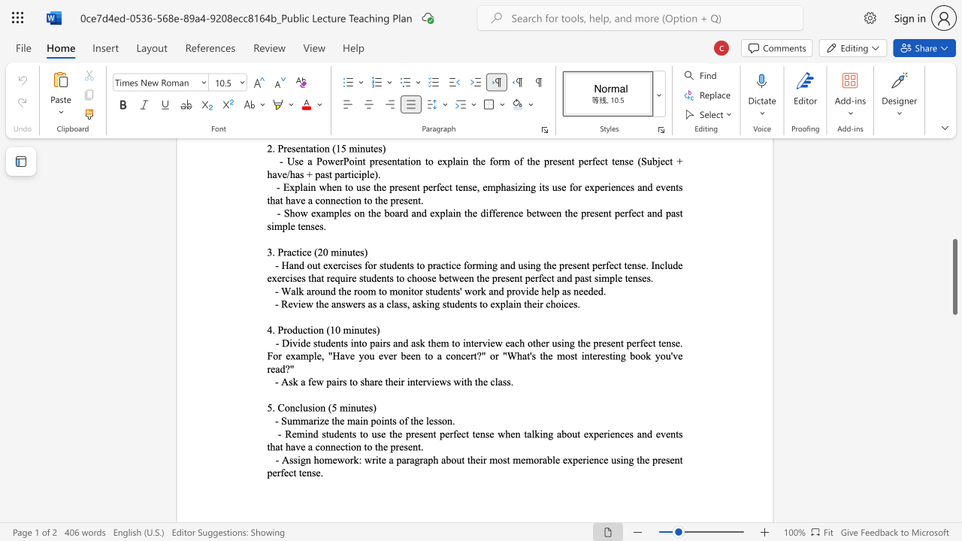  What do you see at coordinates (343, 381) in the screenshot?
I see `the 2th character "s" in the text` at bounding box center [343, 381].